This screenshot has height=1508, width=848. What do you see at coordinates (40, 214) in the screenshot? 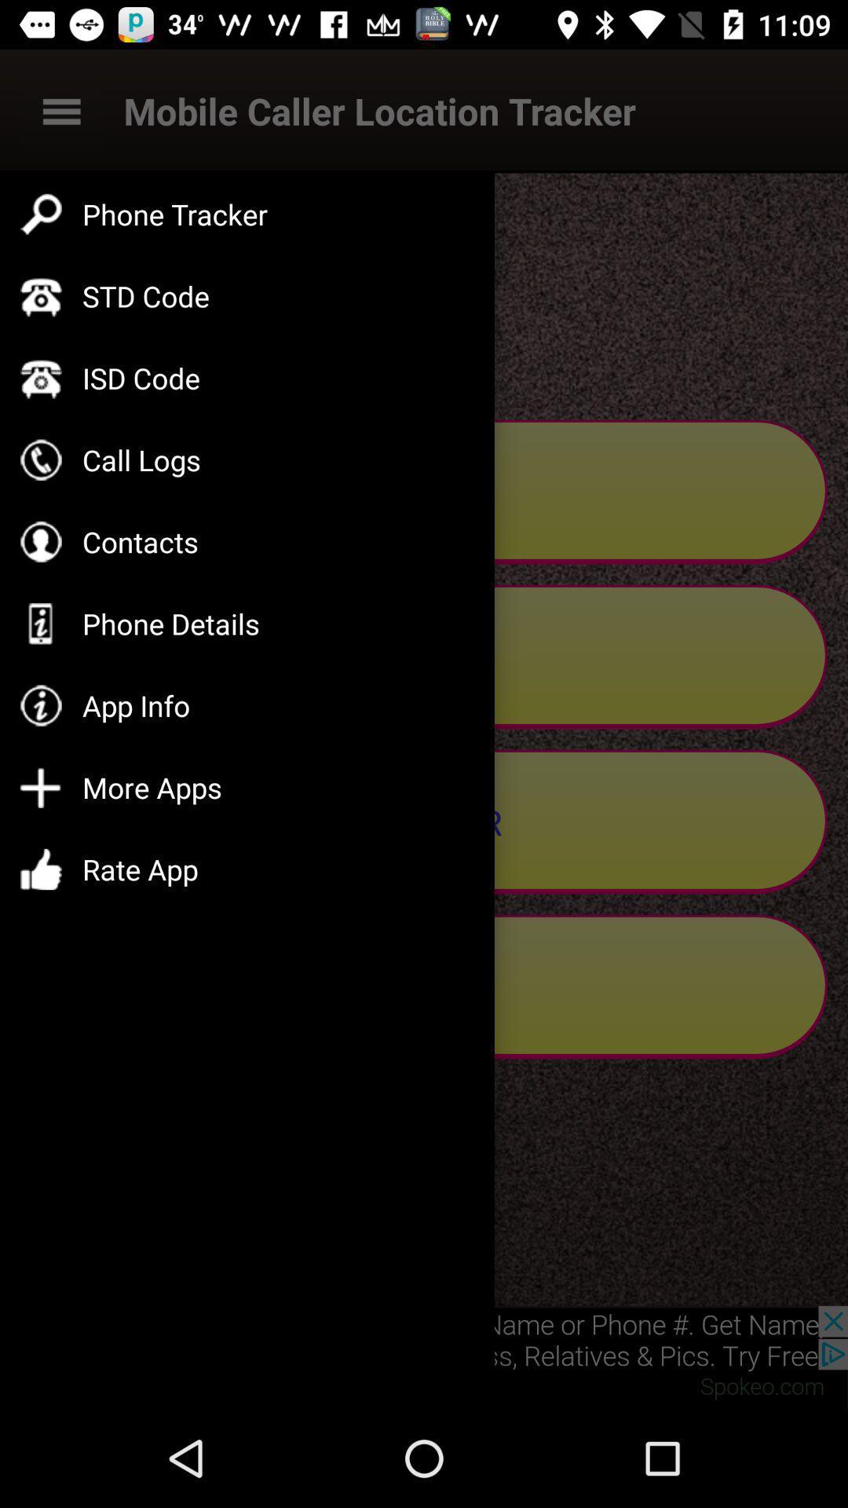
I see `the symbol to the left side of phone tracker` at bounding box center [40, 214].